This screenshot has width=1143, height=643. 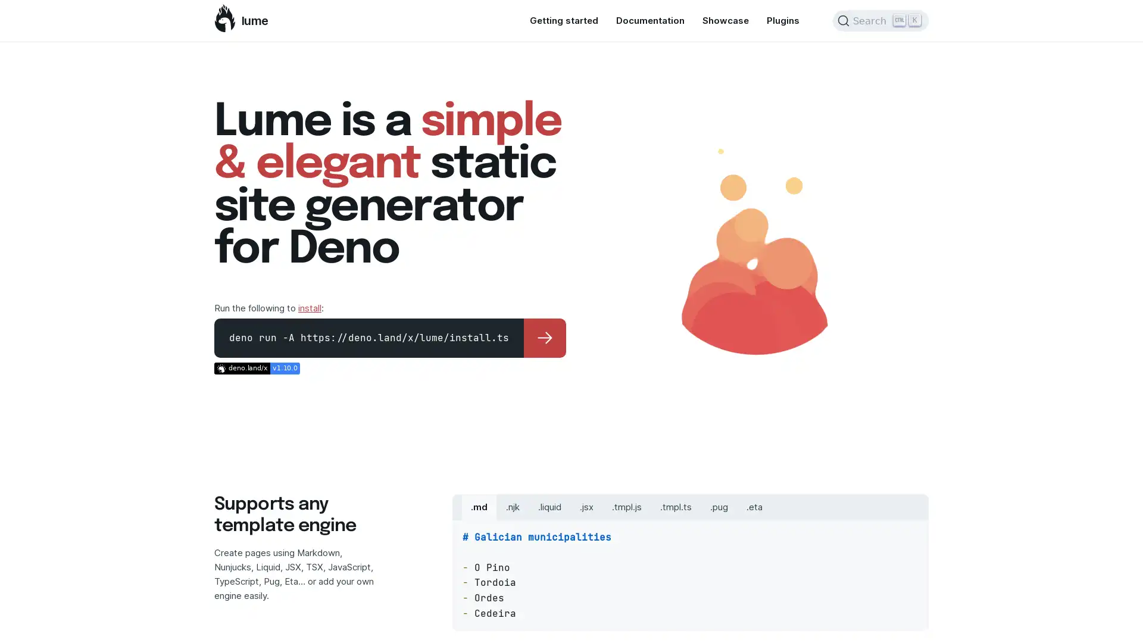 What do you see at coordinates (626, 507) in the screenshot?
I see `.tmpl.js` at bounding box center [626, 507].